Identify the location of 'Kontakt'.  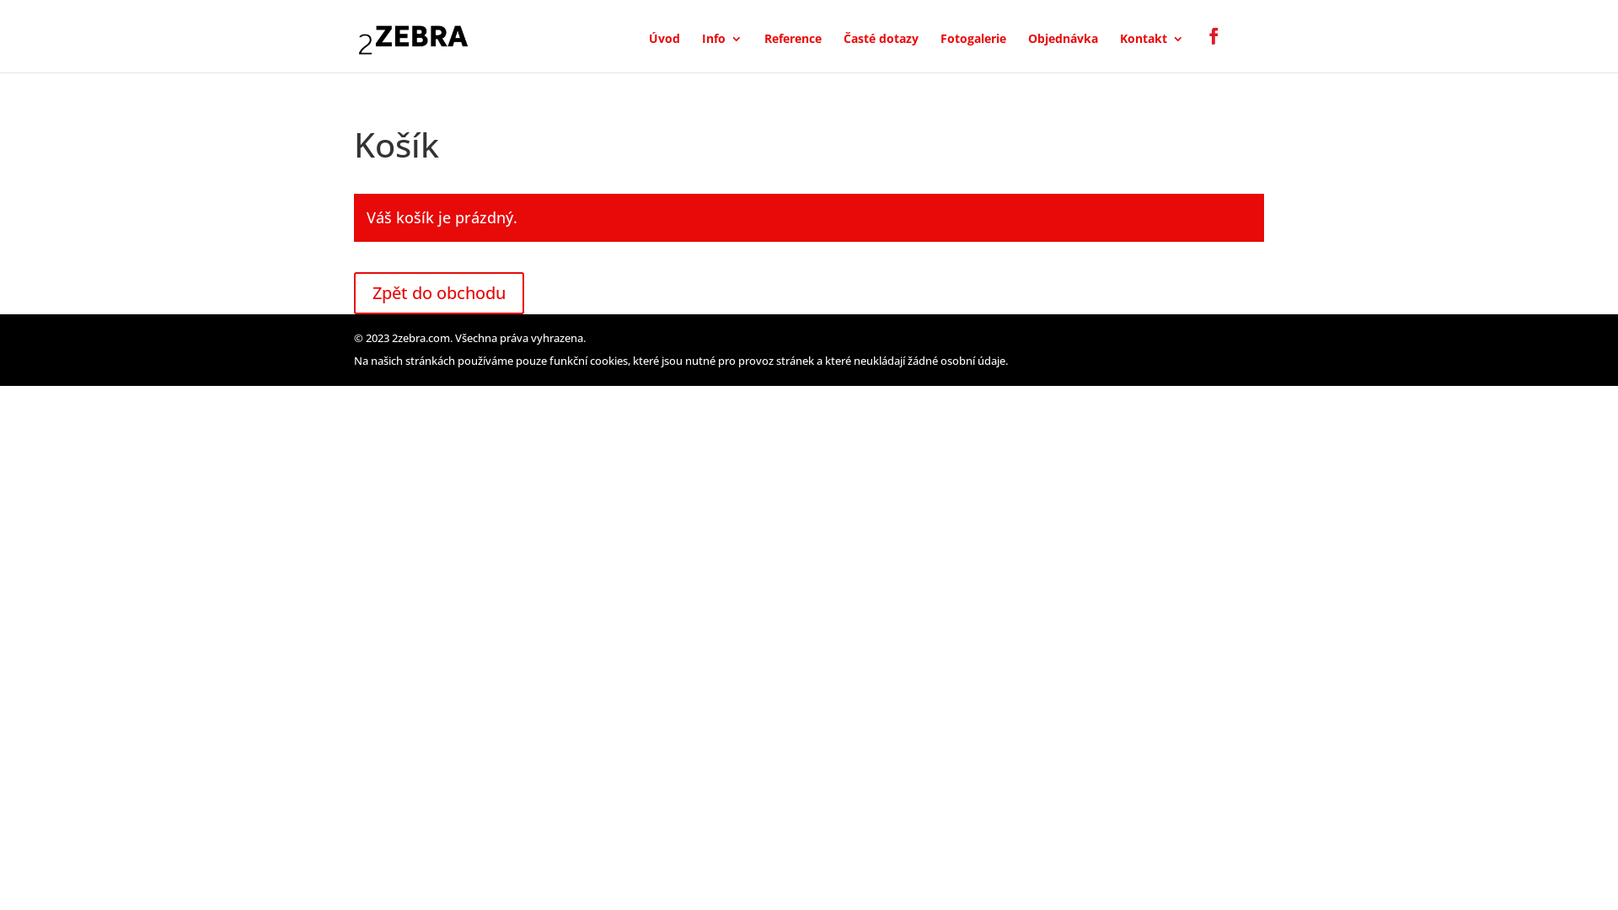
(1151, 51).